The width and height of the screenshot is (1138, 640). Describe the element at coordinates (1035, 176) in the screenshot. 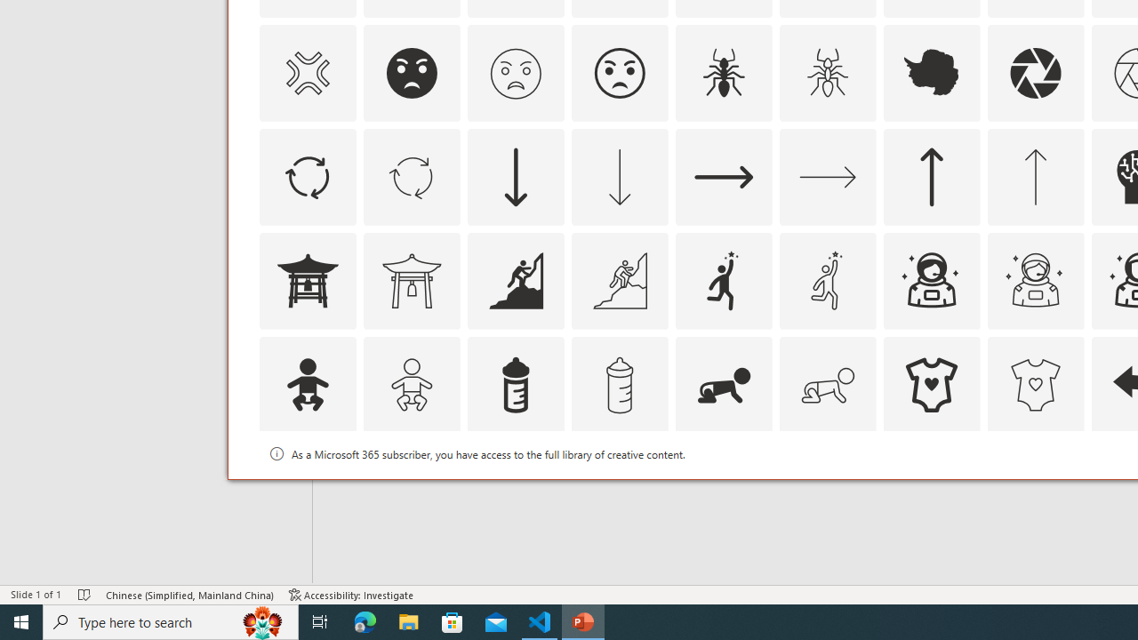

I see `'AutomationID: Icons_ArrowUp_M'` at that location.